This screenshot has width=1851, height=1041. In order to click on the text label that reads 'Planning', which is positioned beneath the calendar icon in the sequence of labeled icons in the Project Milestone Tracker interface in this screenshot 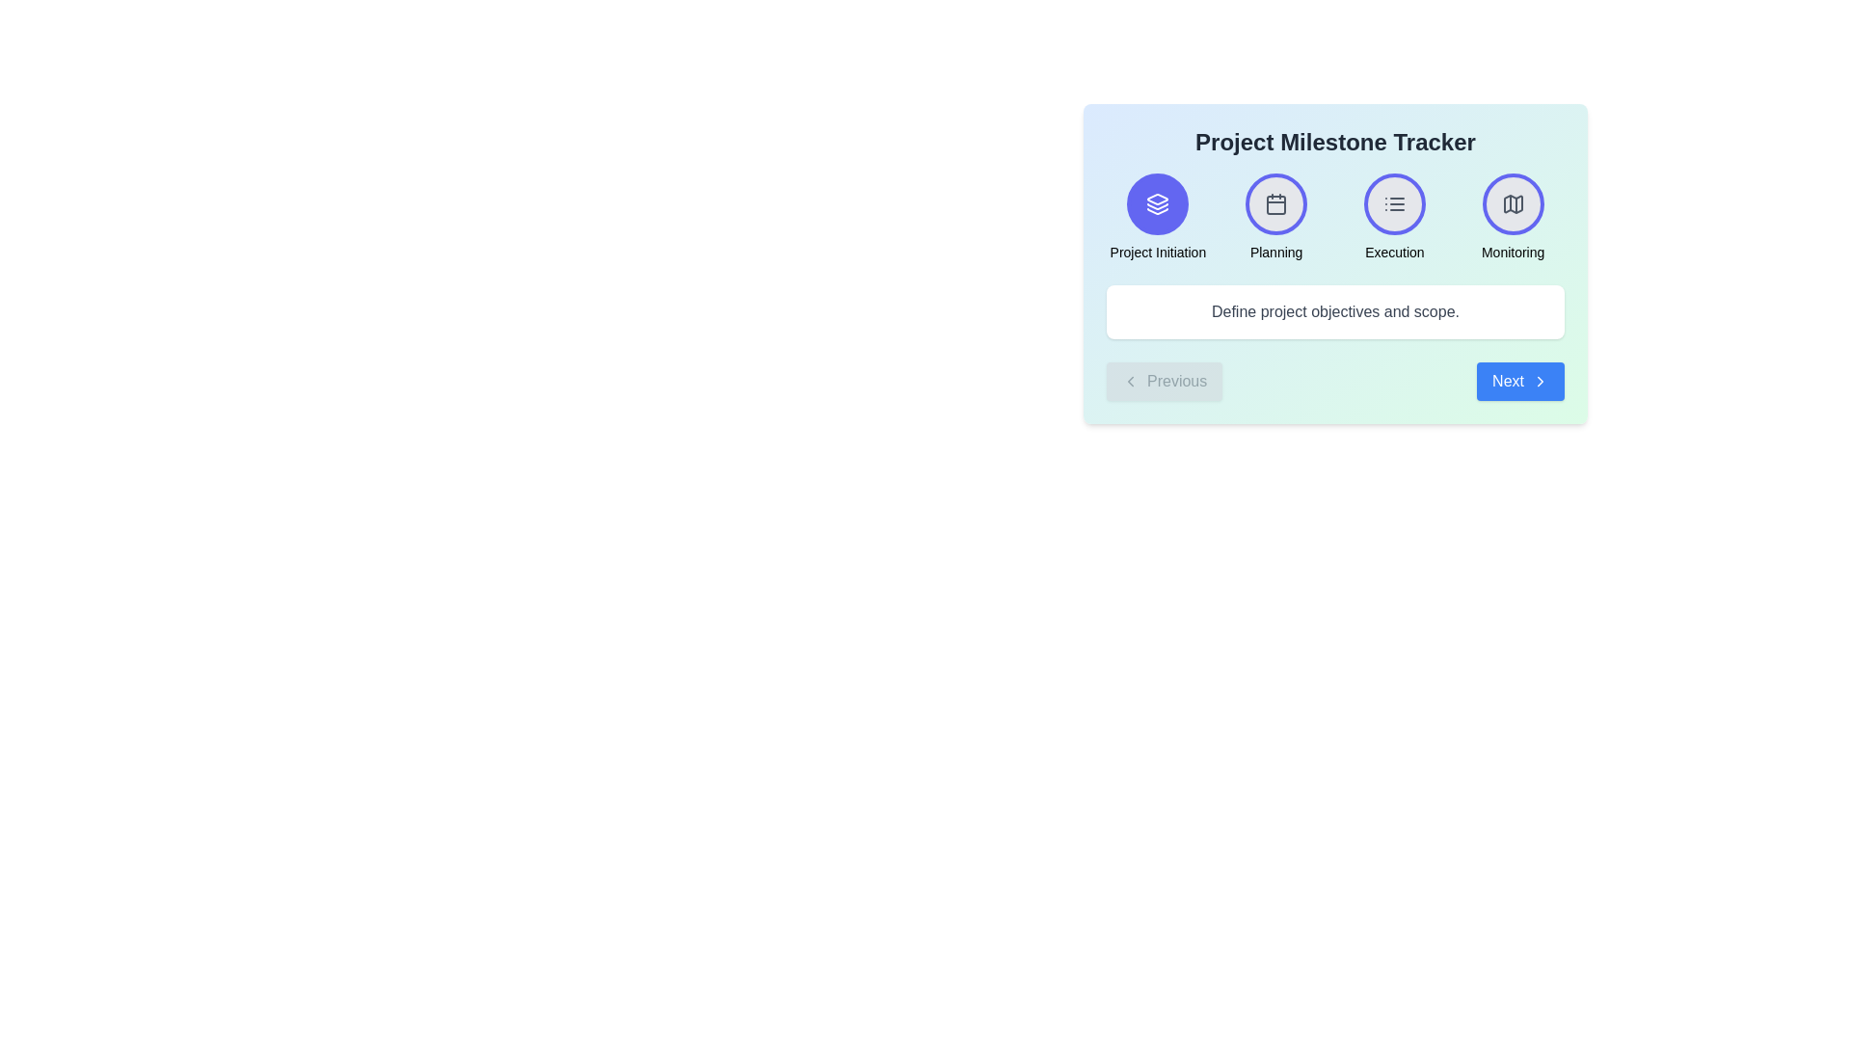, I will do `click(1276, 252)`.